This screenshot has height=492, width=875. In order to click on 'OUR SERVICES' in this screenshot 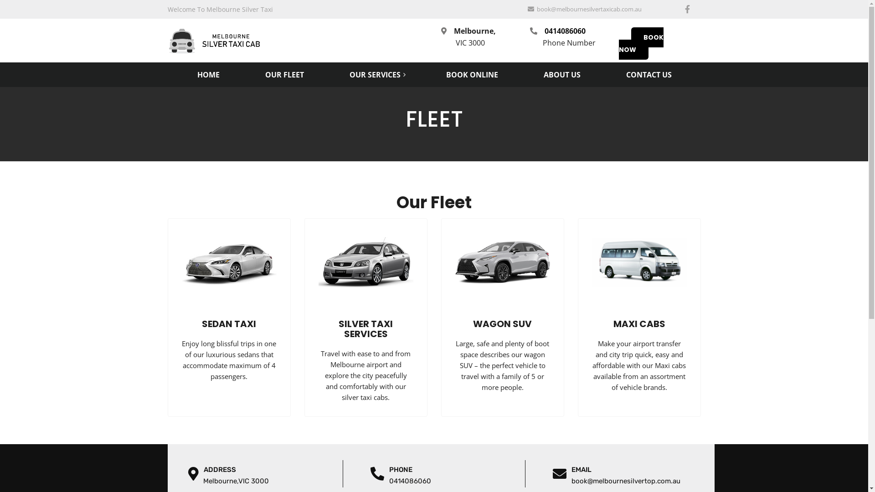, I will do `click(342, 73)`.